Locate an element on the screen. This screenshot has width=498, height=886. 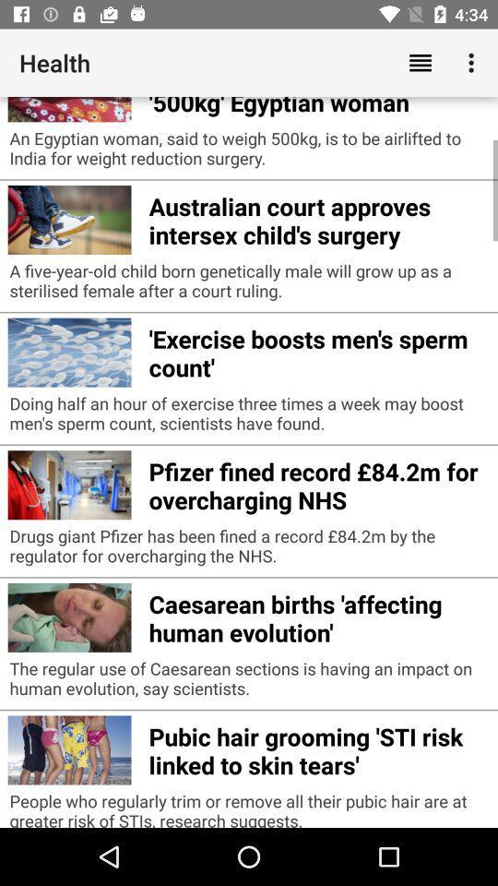
the icon below the an egyptian woman app is located at coordinates (317, 218).